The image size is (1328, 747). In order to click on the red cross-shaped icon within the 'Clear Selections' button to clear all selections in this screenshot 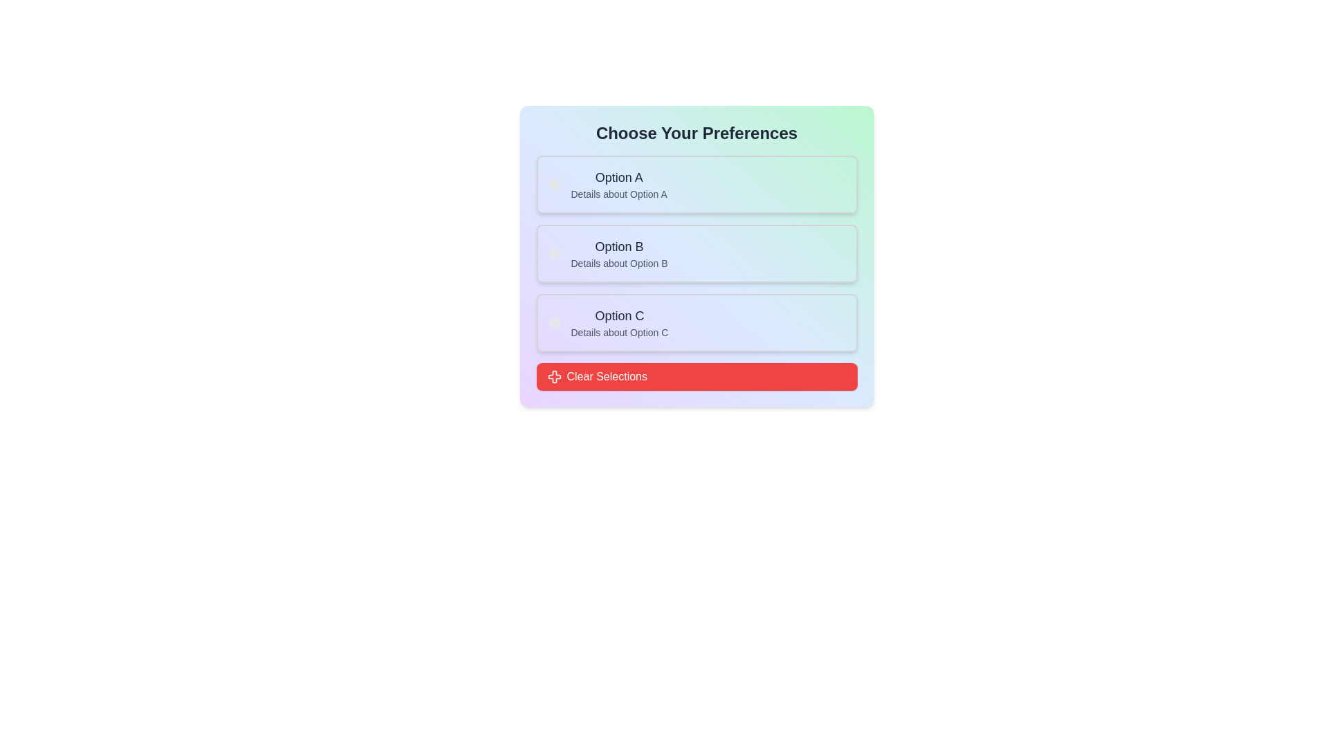, I will do `click(554, 376)`.